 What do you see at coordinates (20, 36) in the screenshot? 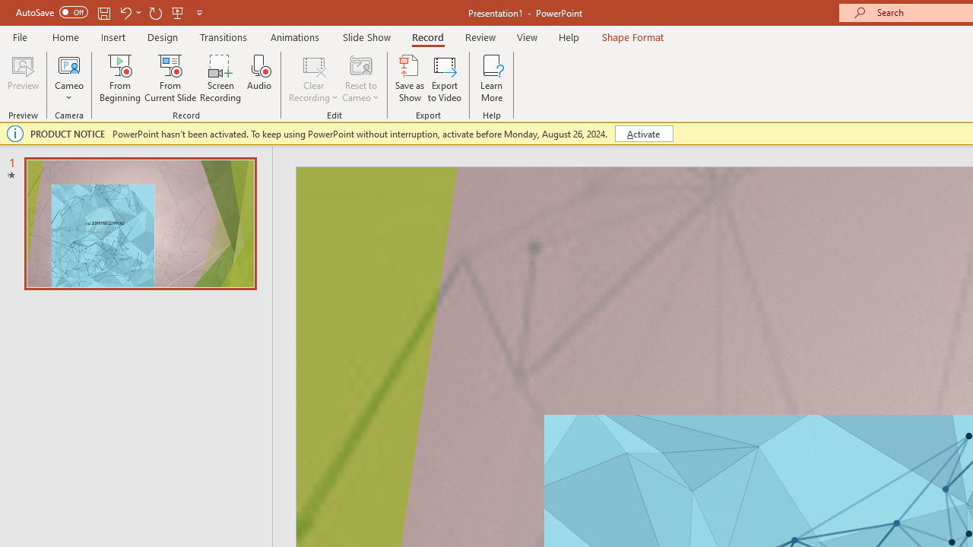
I see `'File Tab'` at bounding box center [20, 36].